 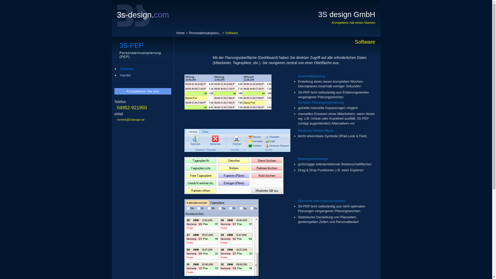 I want to click on 'Personaleinsatzplanu...', so click(x=205, y=33).